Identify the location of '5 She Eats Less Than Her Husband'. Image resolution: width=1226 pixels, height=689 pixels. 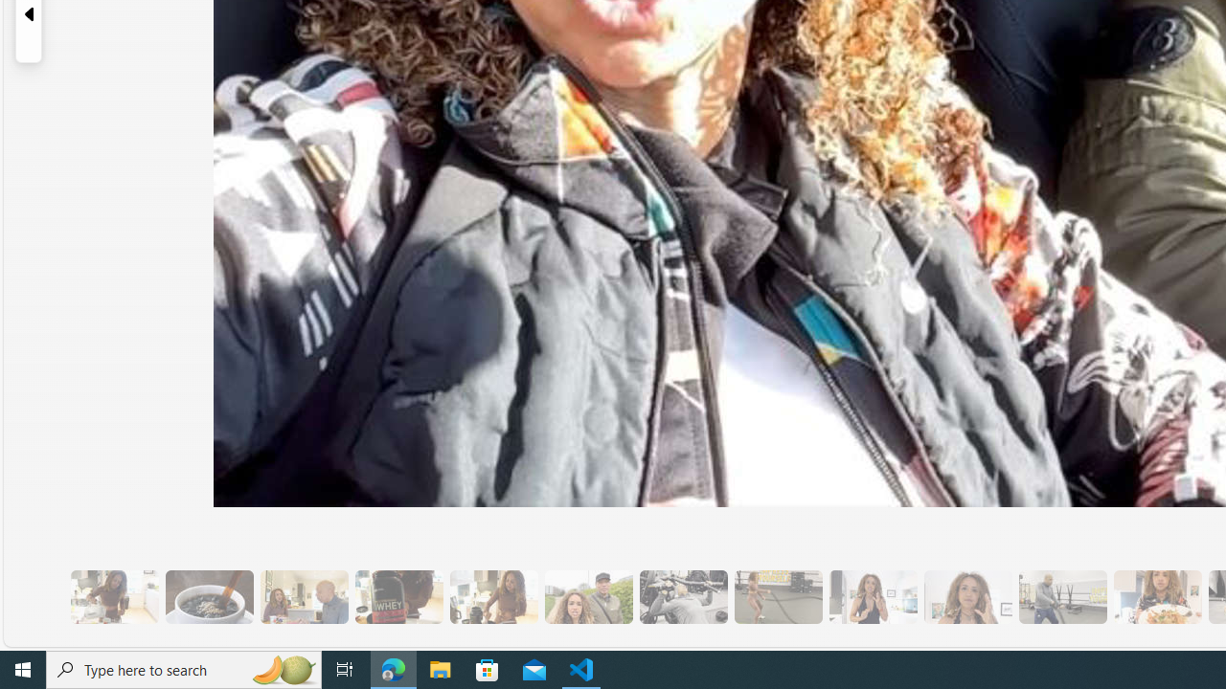
(303, 596).